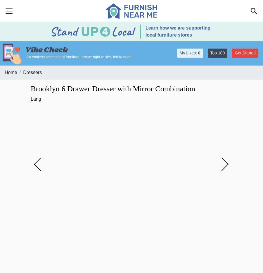 This screenshot has height=273, width=263. What do you see at coordinates (234, 53) in the screenshot?
I see `'Get Started'` at bounding box center [234, 53].